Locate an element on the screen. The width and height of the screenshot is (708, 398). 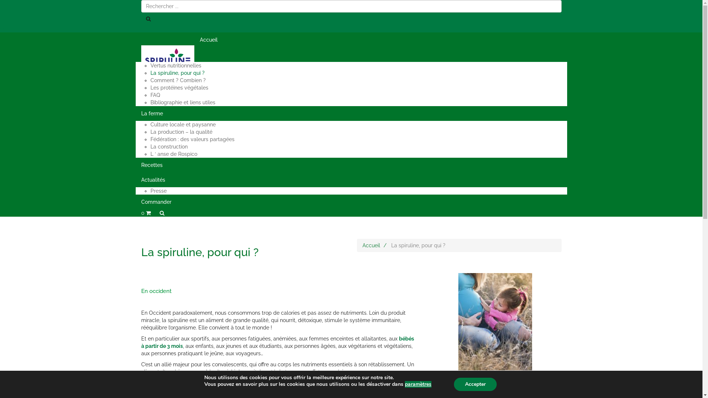
'Comment ? Combien ?' is located at coordinates (178, 80).